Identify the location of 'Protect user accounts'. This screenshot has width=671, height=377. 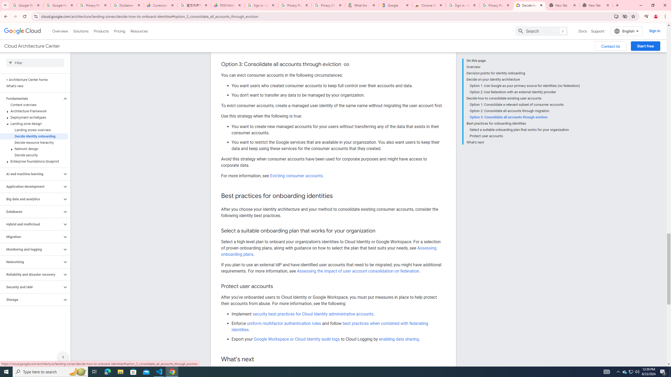
(524, 136).